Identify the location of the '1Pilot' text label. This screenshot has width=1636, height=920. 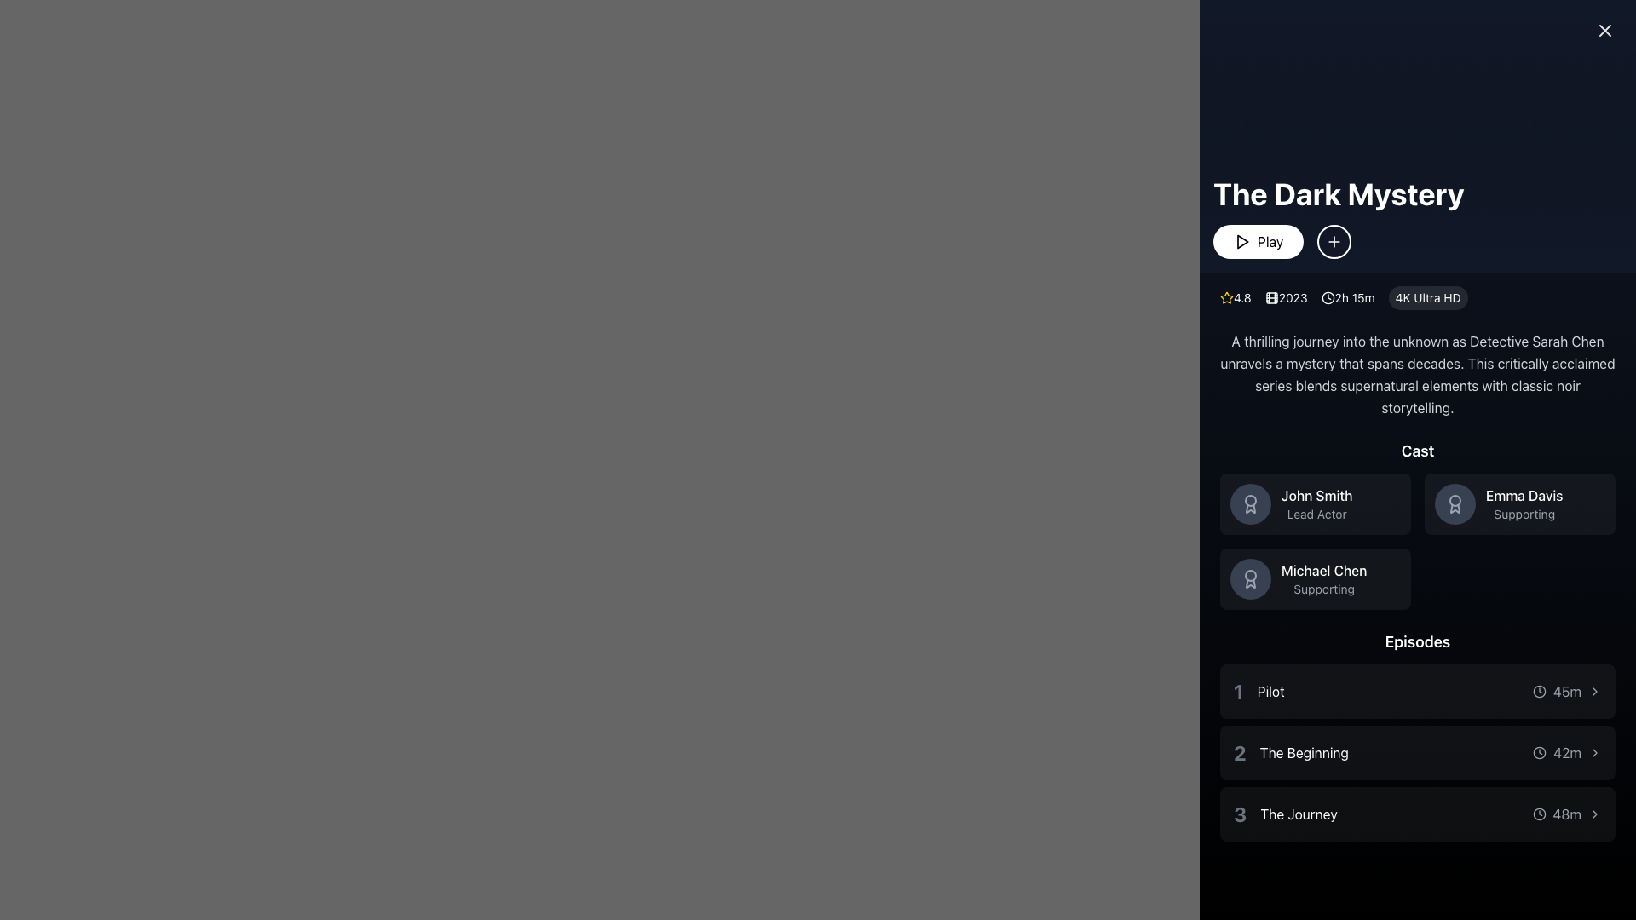
(1259, 692).